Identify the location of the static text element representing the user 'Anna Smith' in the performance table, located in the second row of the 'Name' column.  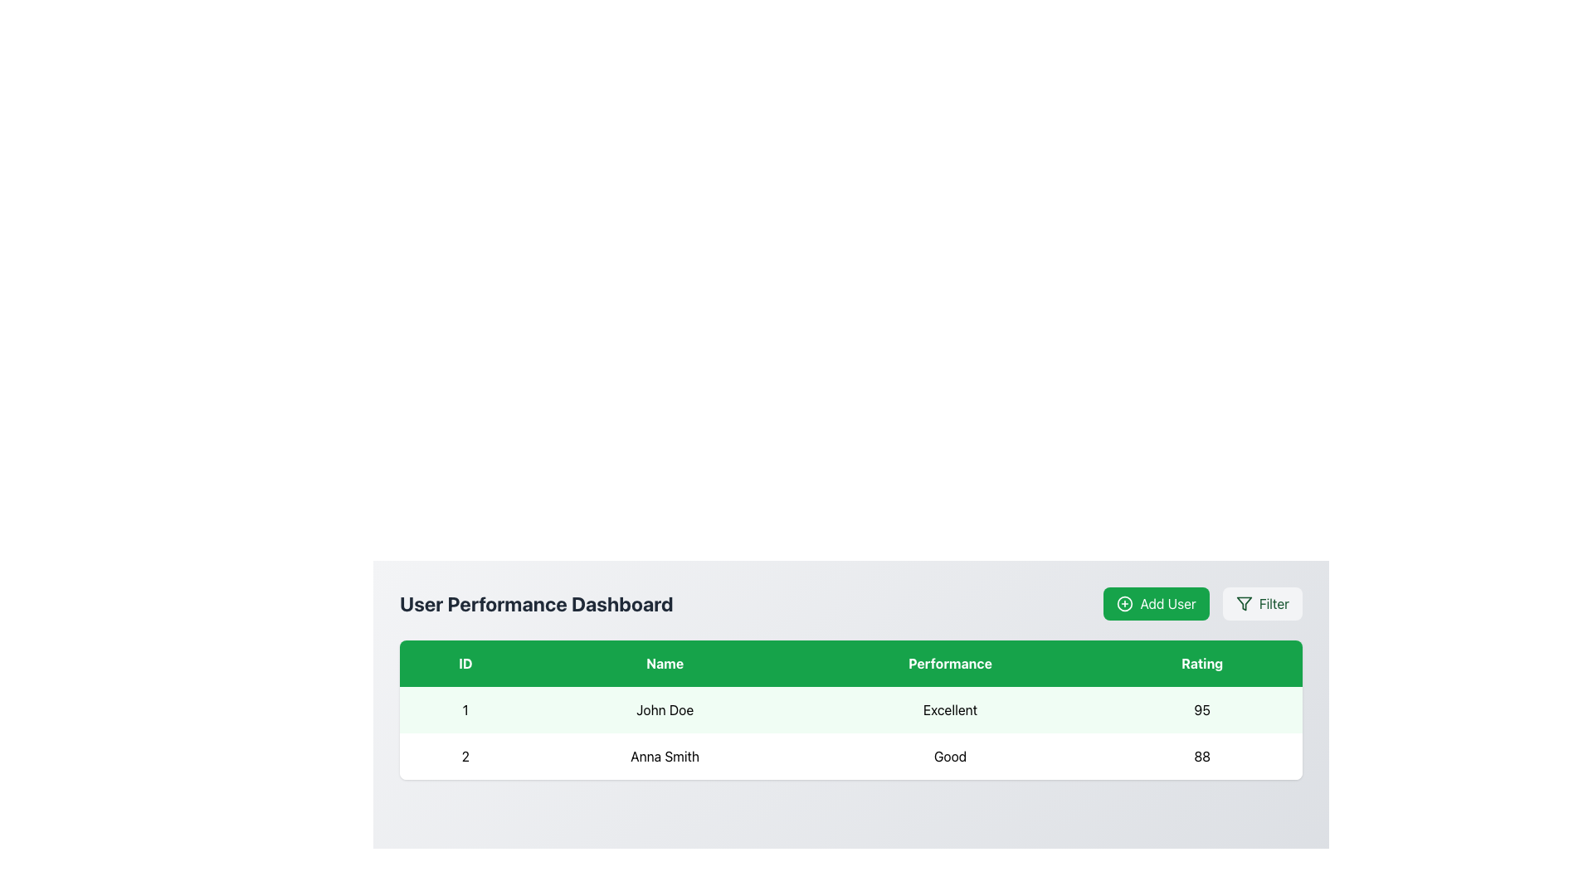
(665, 756).